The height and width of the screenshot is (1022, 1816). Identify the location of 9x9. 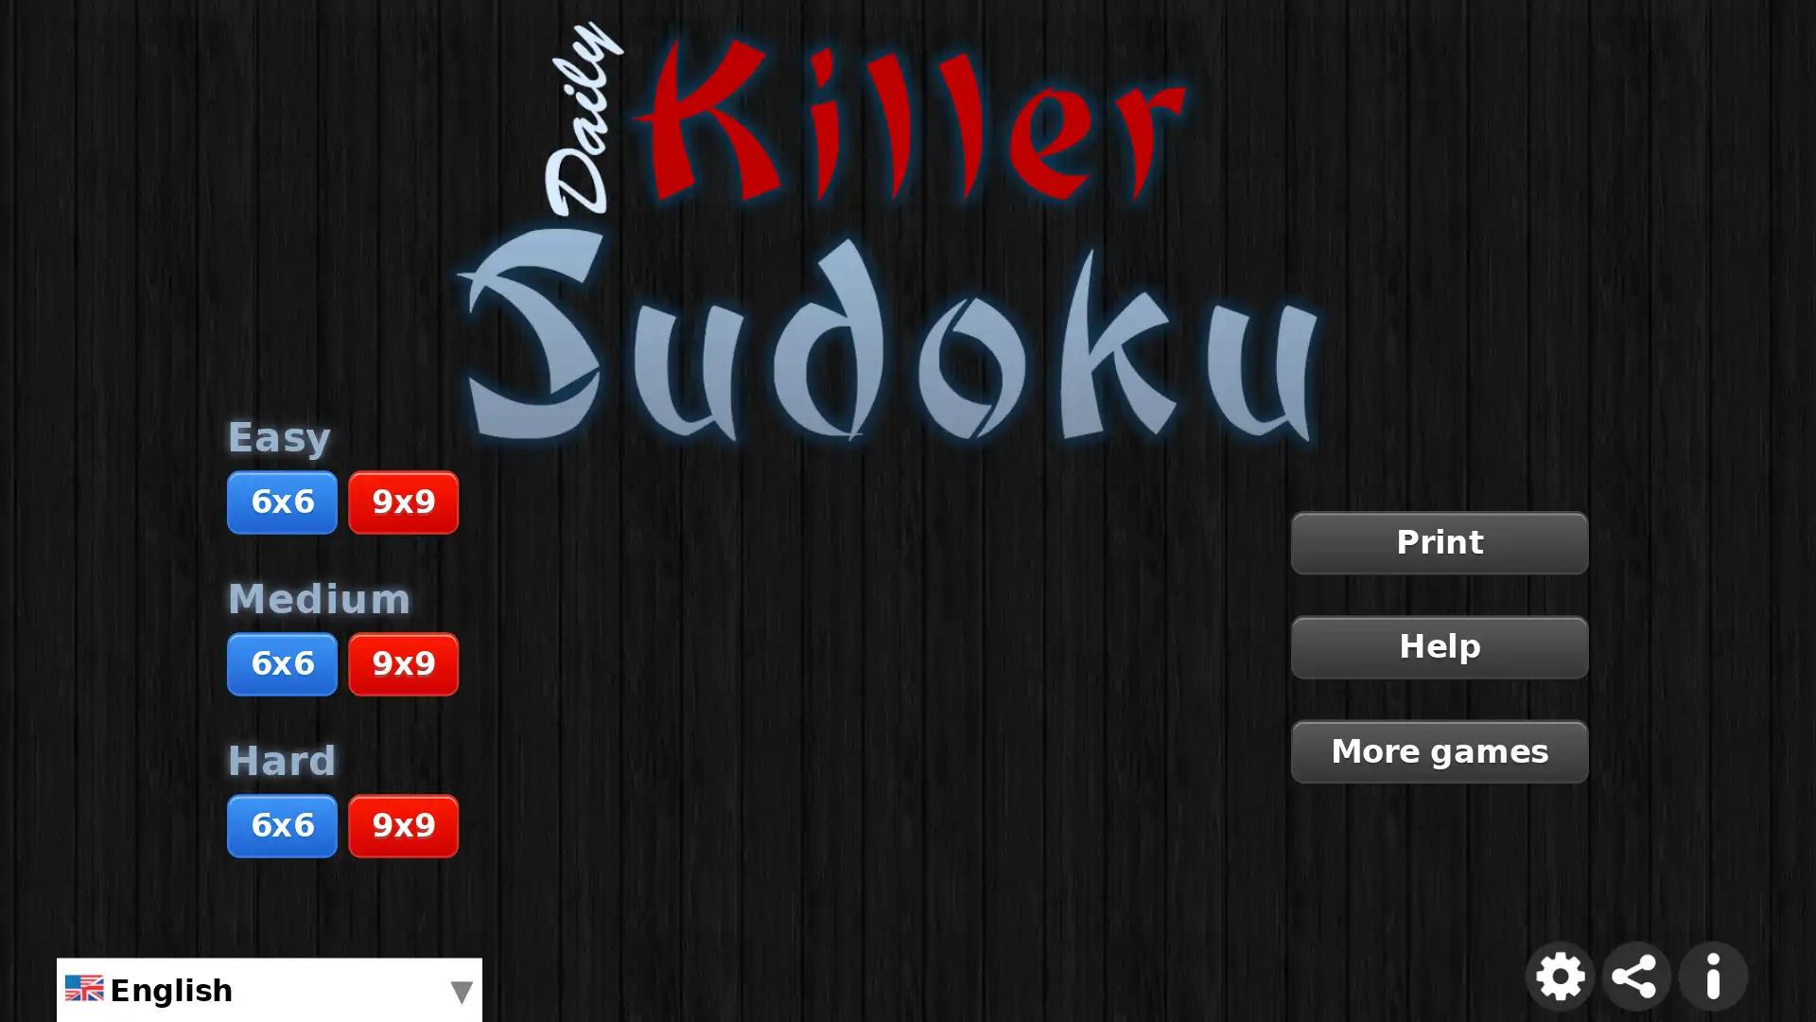
(402, 501).